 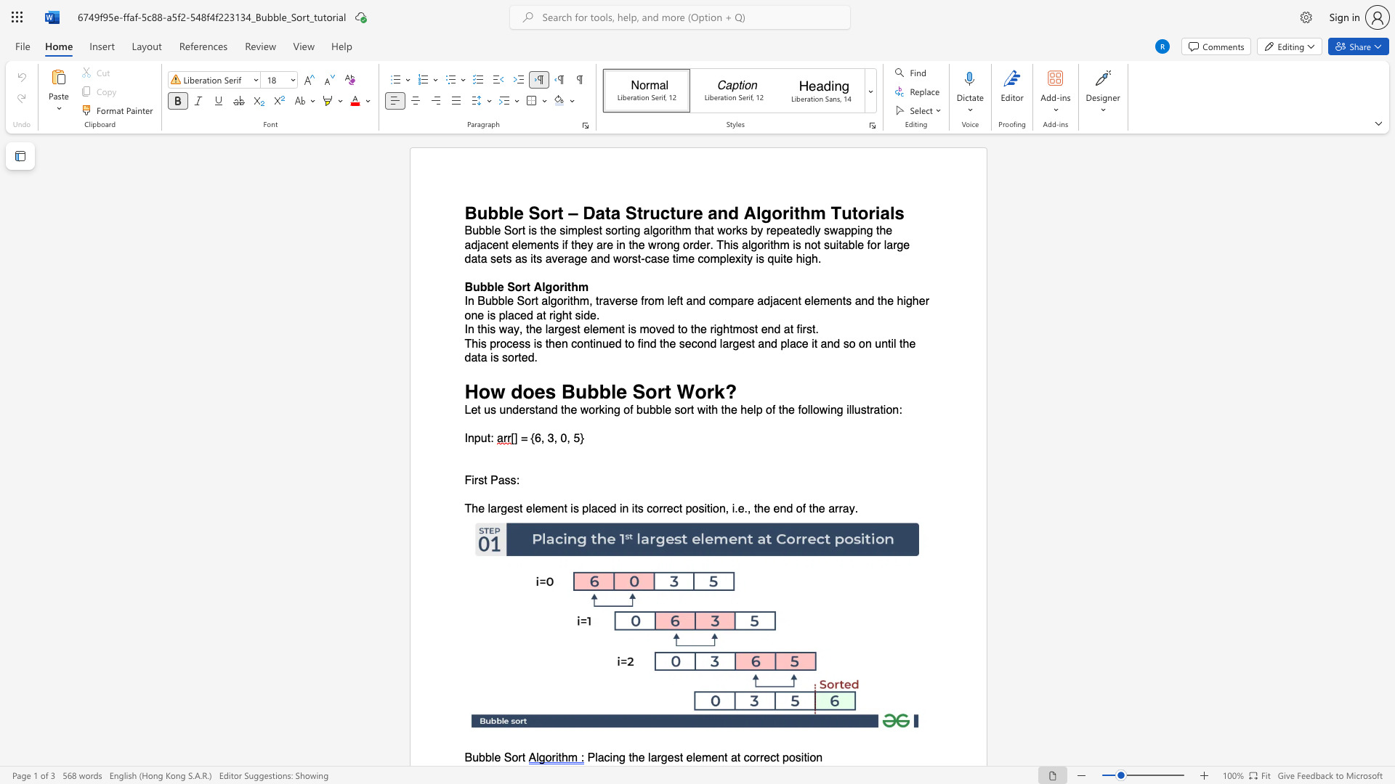 I want to click on the subset text "= {" within the text "[] = {6, 3, 0, 5}", so click(x=520, y=438).